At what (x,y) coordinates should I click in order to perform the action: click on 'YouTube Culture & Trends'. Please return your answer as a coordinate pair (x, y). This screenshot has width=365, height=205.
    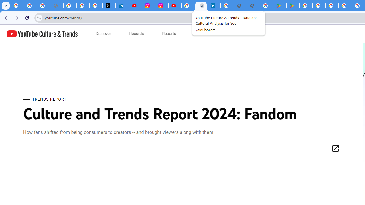
    Looking at the image, I should click on (42, 34).